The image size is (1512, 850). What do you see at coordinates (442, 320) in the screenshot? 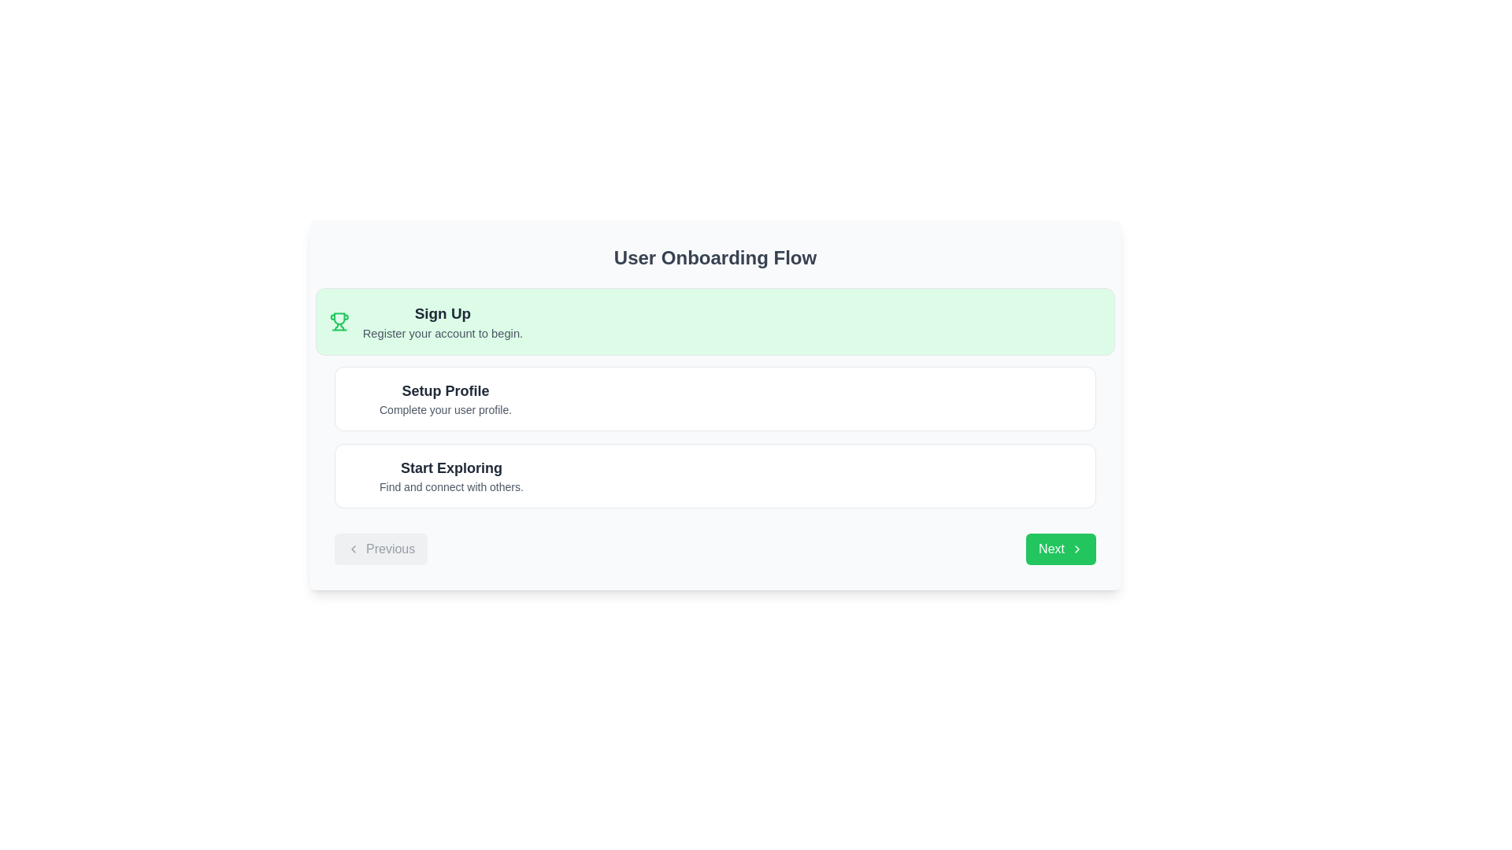
I see `the 'Sign Up' text block located on the left-center of the interface, which contains bold text stating 'Sign Up' and a smaller gray text below it` at bounding box center [442, 320].